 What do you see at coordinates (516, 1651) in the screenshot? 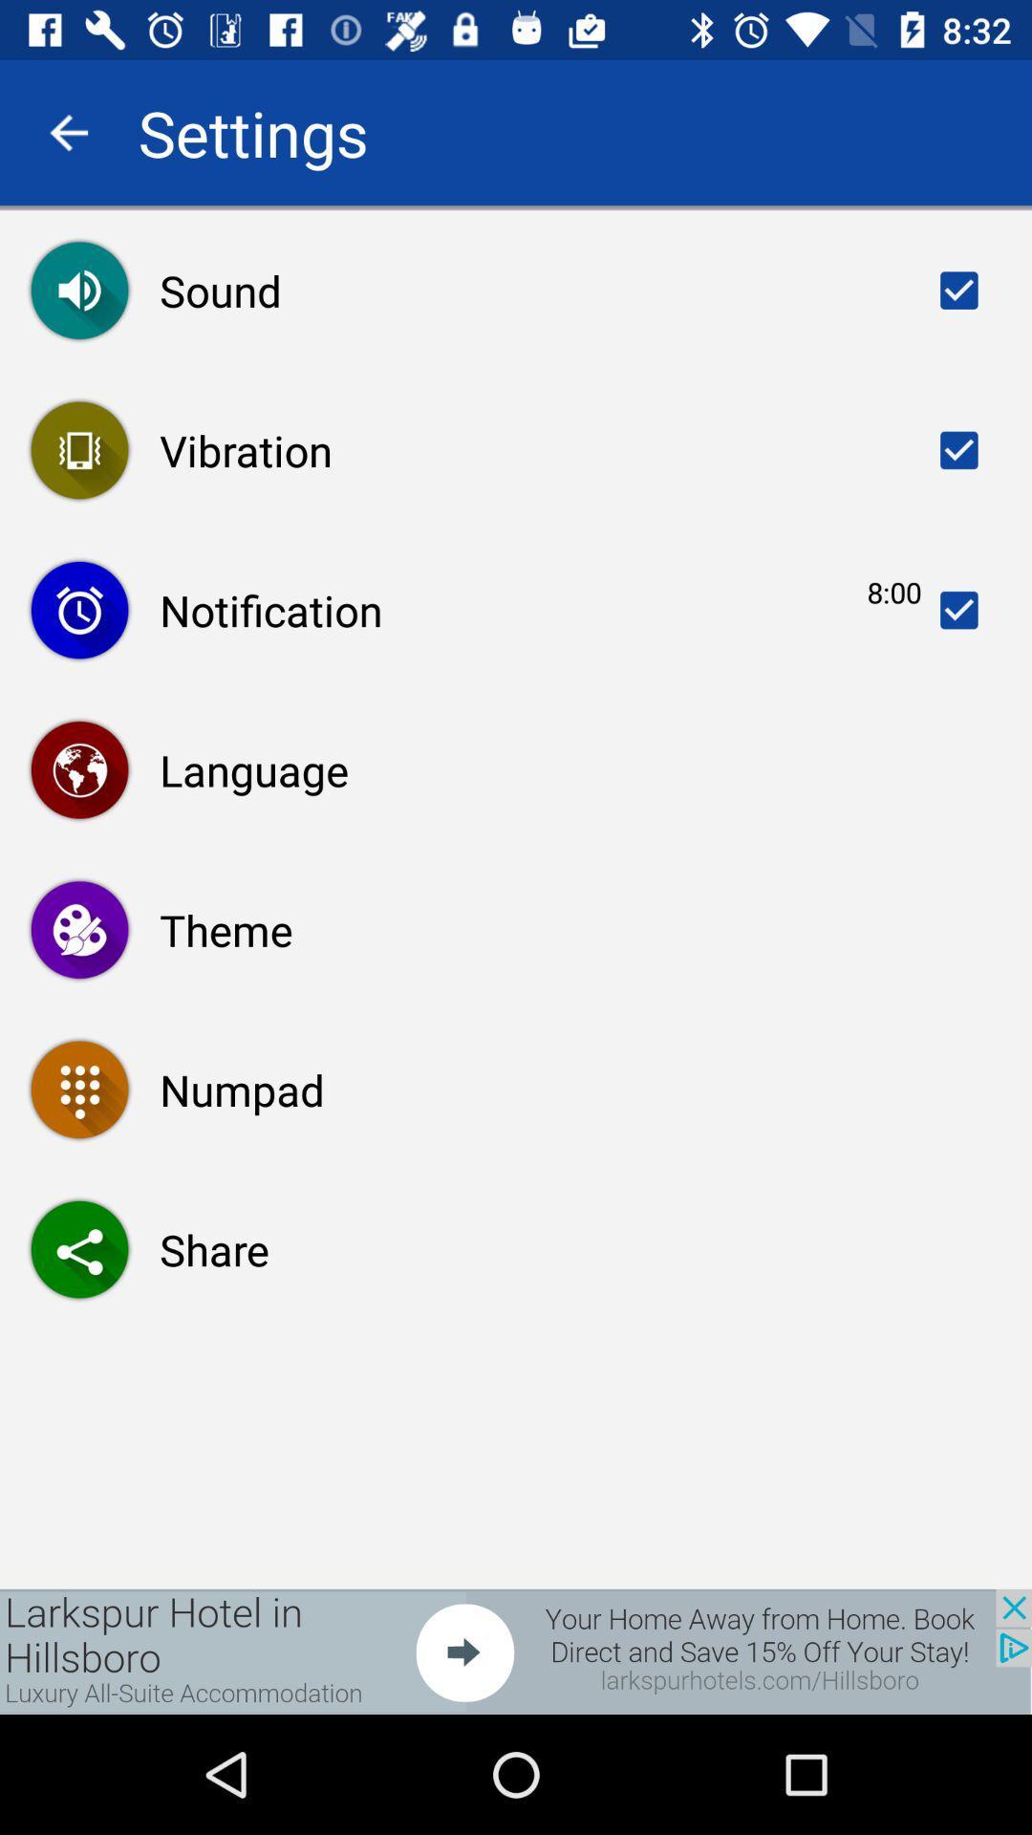
I see `the advertisement website` at bounding box center [516, 1651].